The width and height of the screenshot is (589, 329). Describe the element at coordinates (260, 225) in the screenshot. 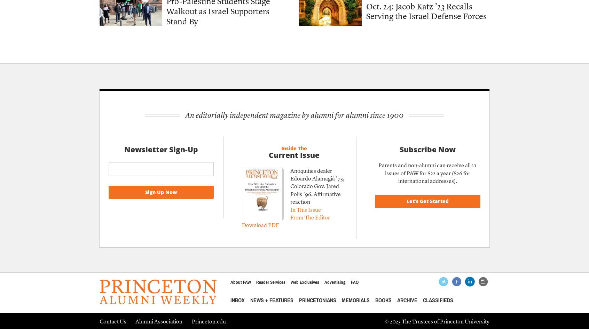

I see `'Download PDF'` at that location.